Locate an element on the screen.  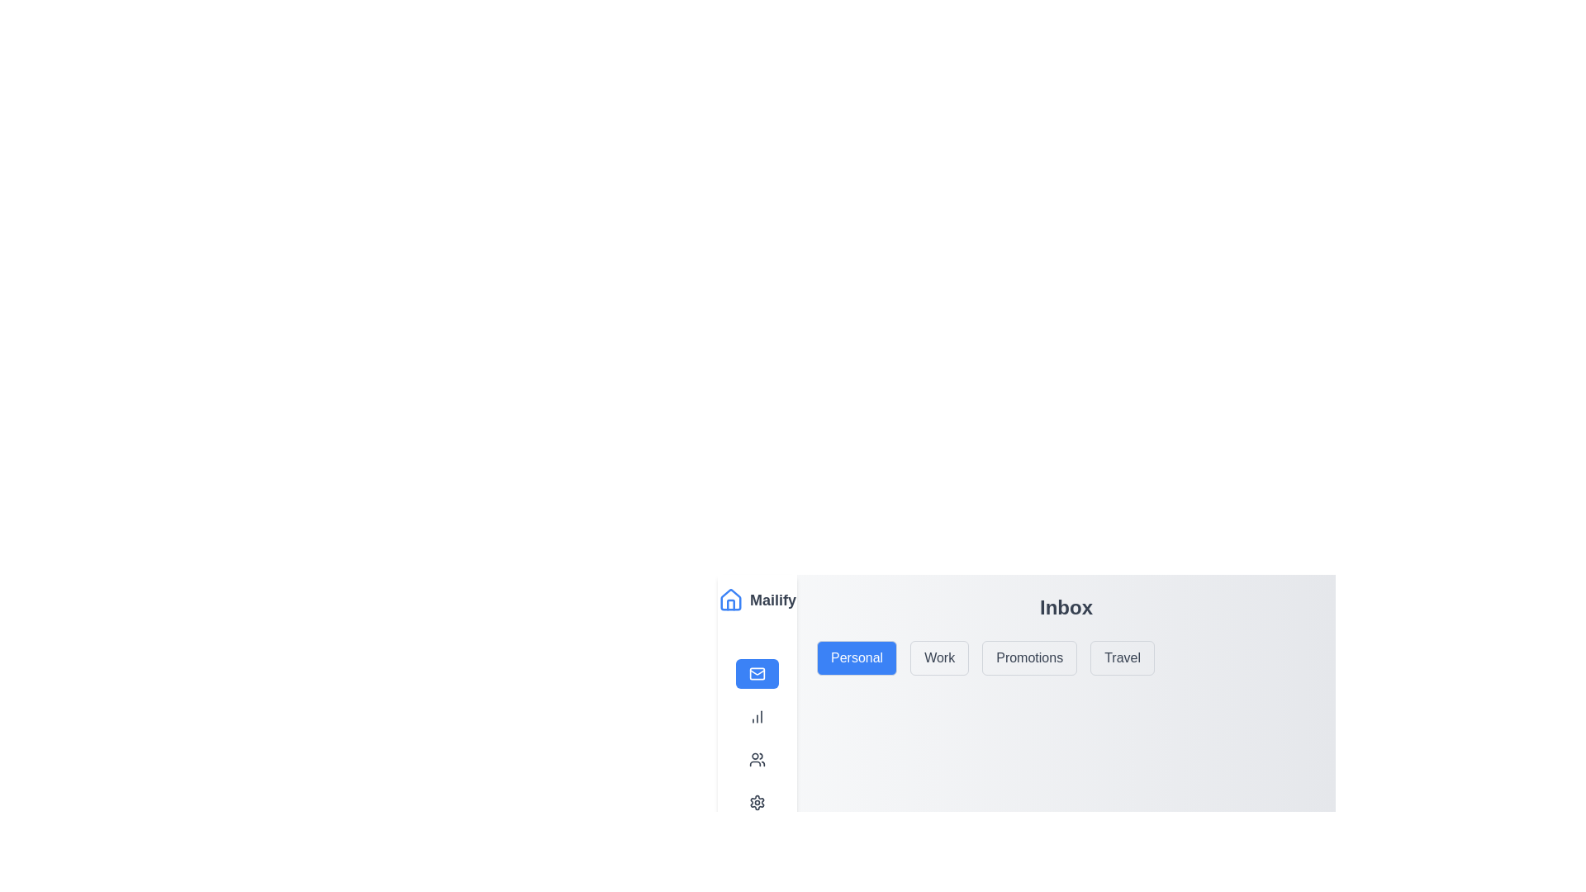
the gear-shaped settings button located at the bottom of the vertical navigation menu is located at coordinates (756, 802).